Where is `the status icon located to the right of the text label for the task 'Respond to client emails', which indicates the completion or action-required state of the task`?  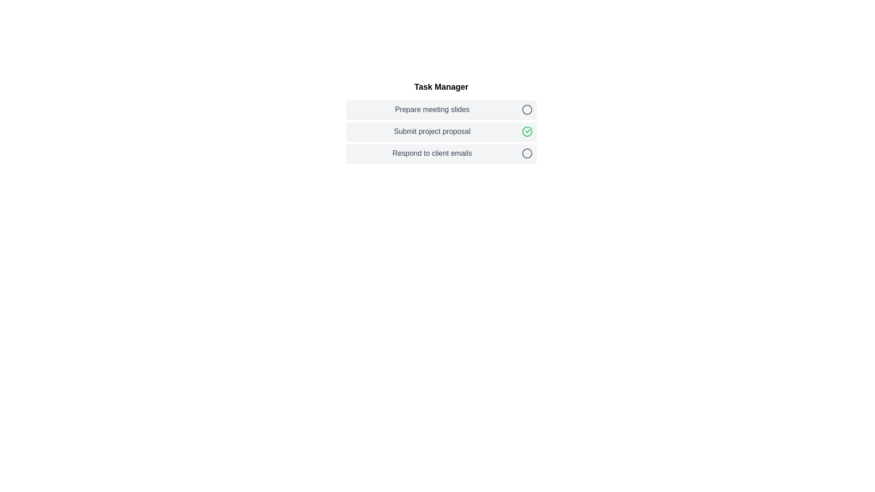 the status icon located to the right of the text label for the task 'Respond to client emails', which indicates the completion or action-required state of the task is located at coordinates (527, 153).